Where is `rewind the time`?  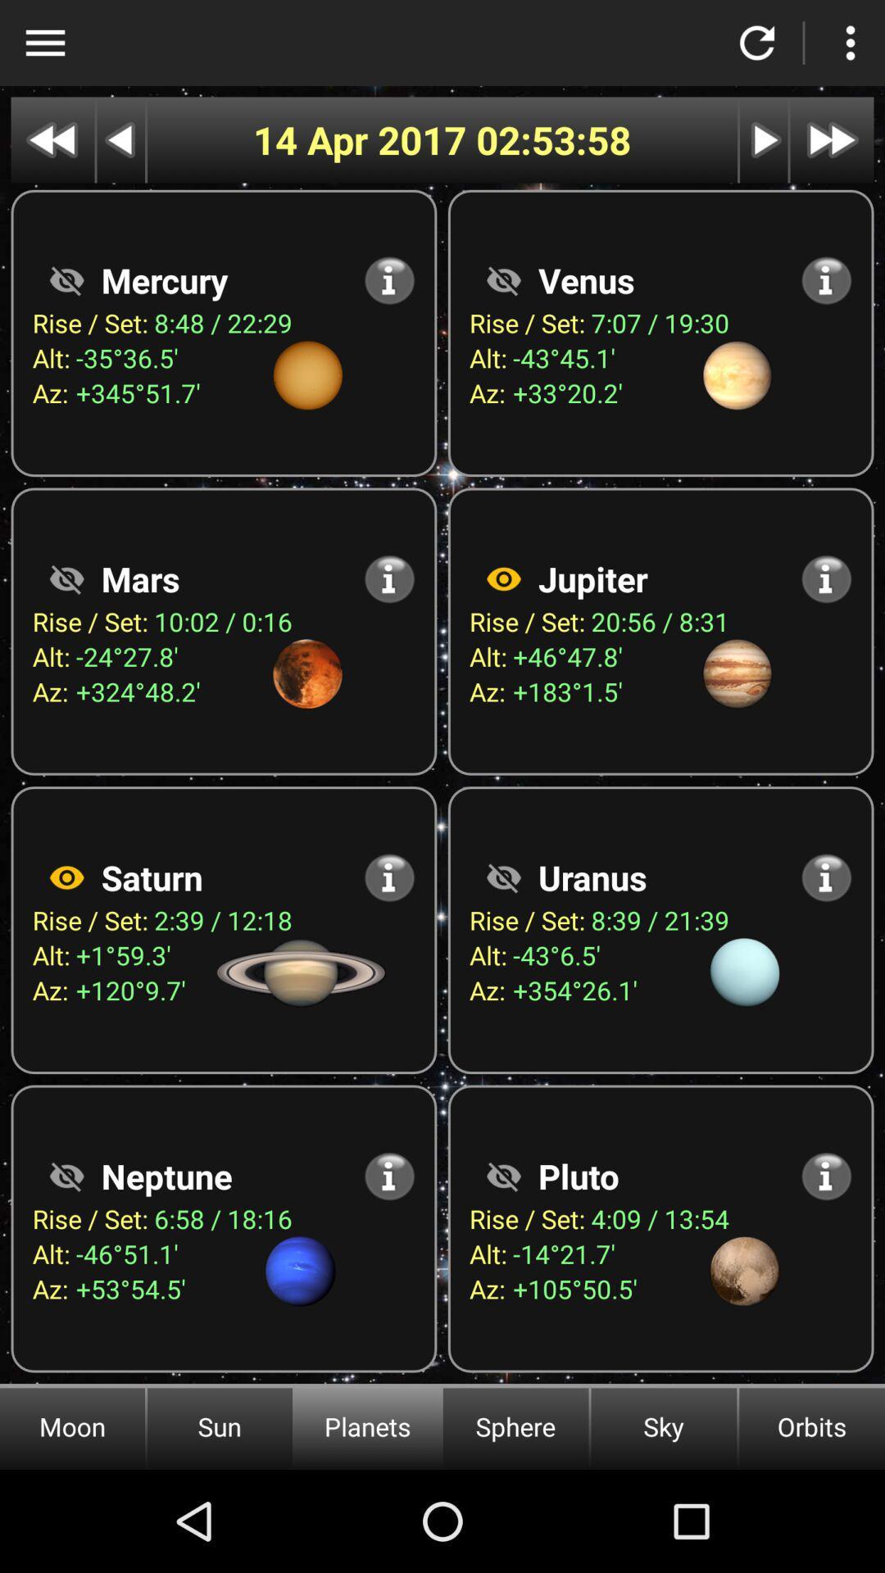
rewind the time is located at coordinates (52, 140).